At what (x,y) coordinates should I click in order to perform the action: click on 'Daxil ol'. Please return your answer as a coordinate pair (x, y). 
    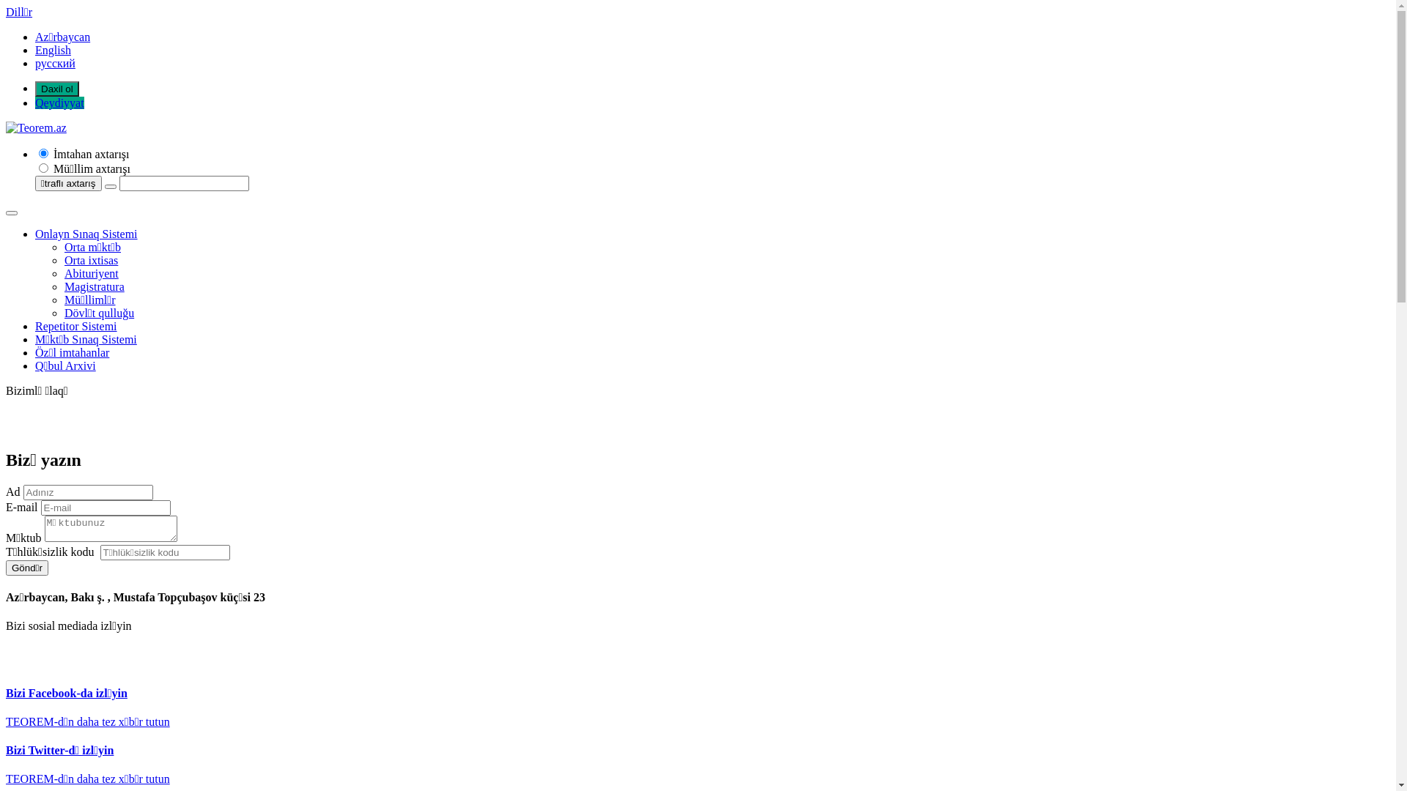
    Looking at the image, I should click on (56, 89).